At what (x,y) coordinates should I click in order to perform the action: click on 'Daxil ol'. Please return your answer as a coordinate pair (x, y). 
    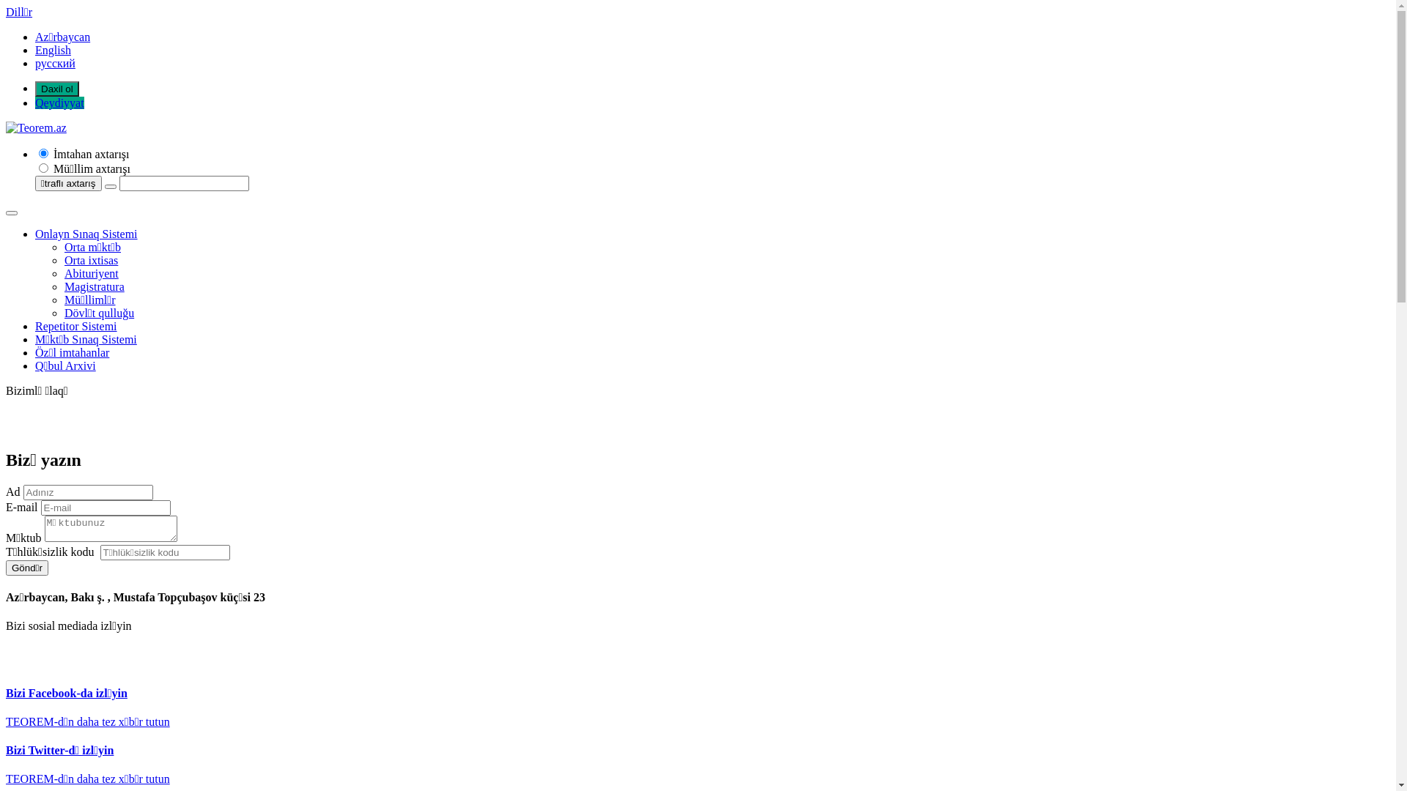
    Looking at the image, I should click on (56, 89).